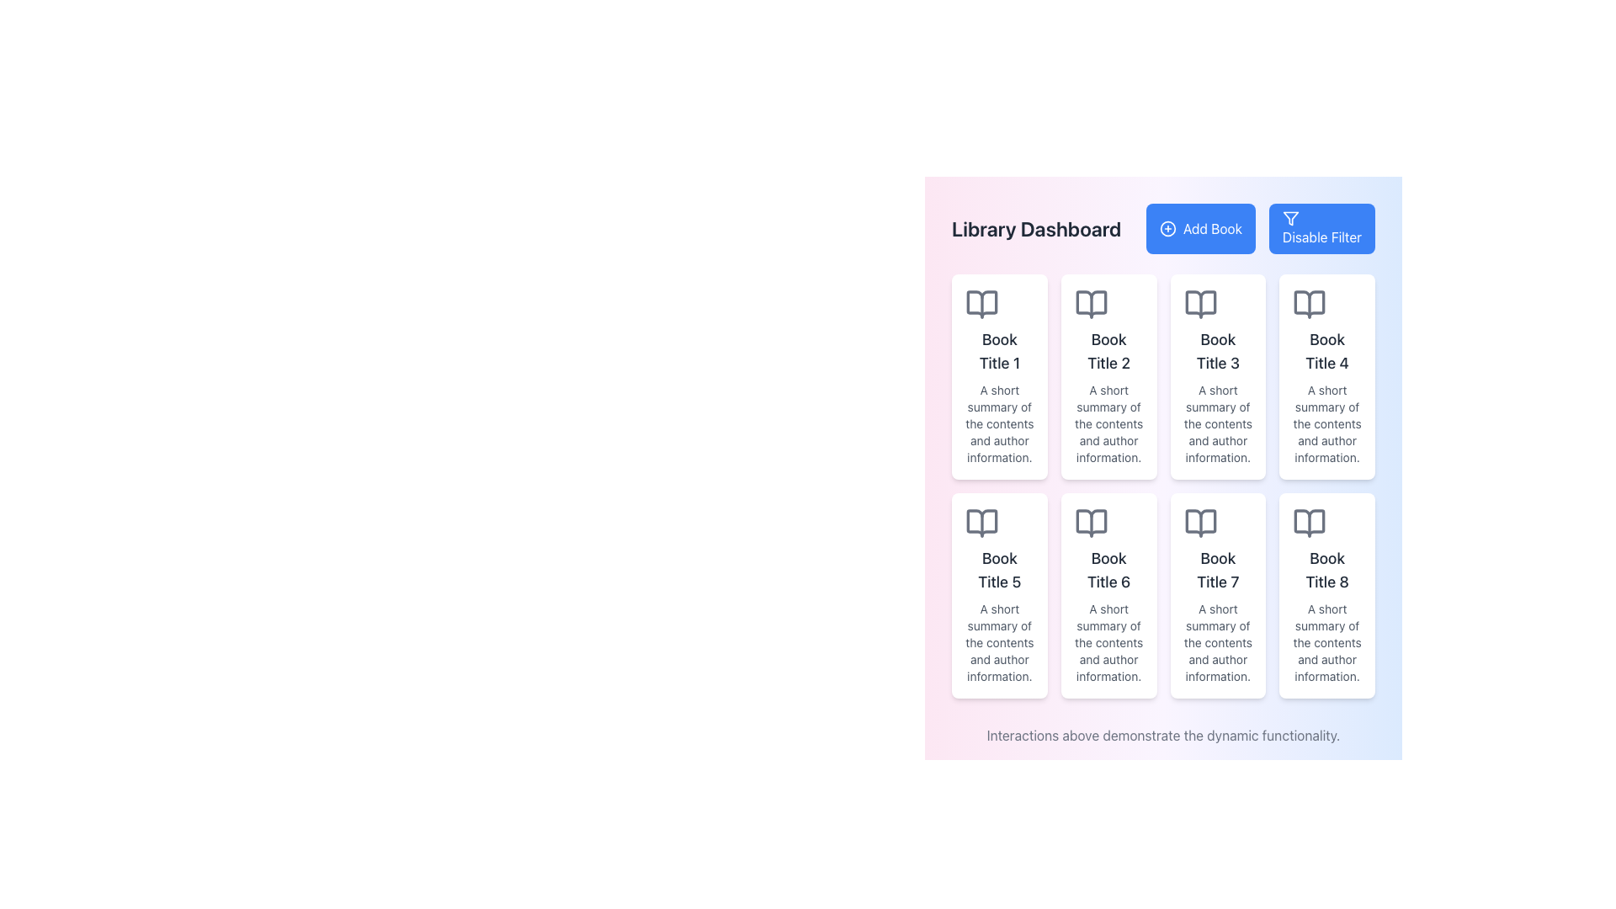 This screenshot has height=909, width=1616. Describe the element at coordinates (999, 642) in the screenshot. I see `the text element displaying 'A short summary of the contents and author information.' which is located beneath 'Book Title 5'` at that location.